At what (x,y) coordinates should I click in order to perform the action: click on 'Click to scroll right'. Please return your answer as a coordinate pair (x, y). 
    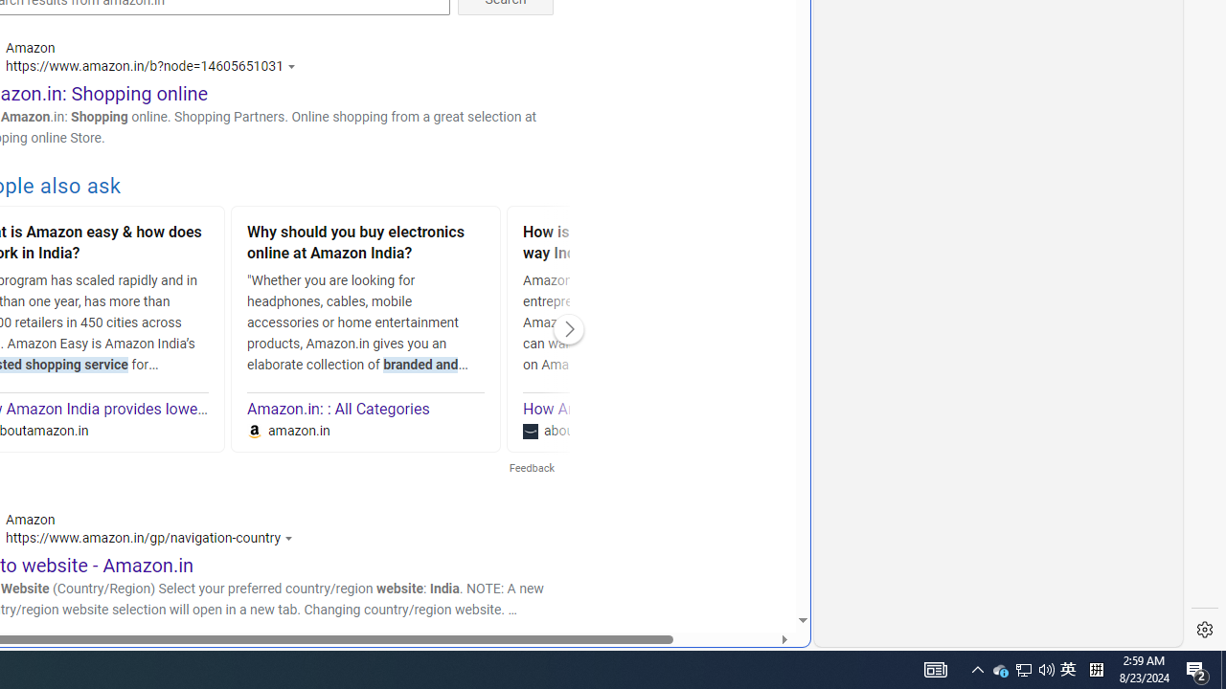
    Looking at the image, I should click on (568, 328).